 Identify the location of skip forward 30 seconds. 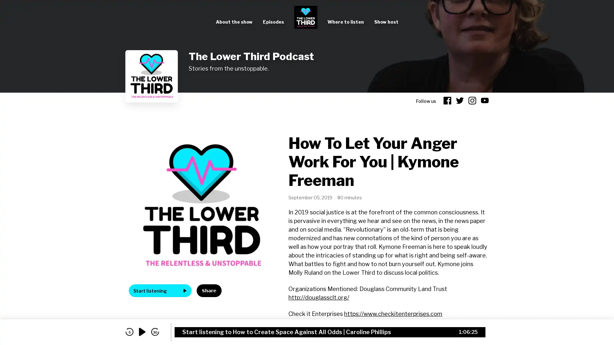
(155, 332).